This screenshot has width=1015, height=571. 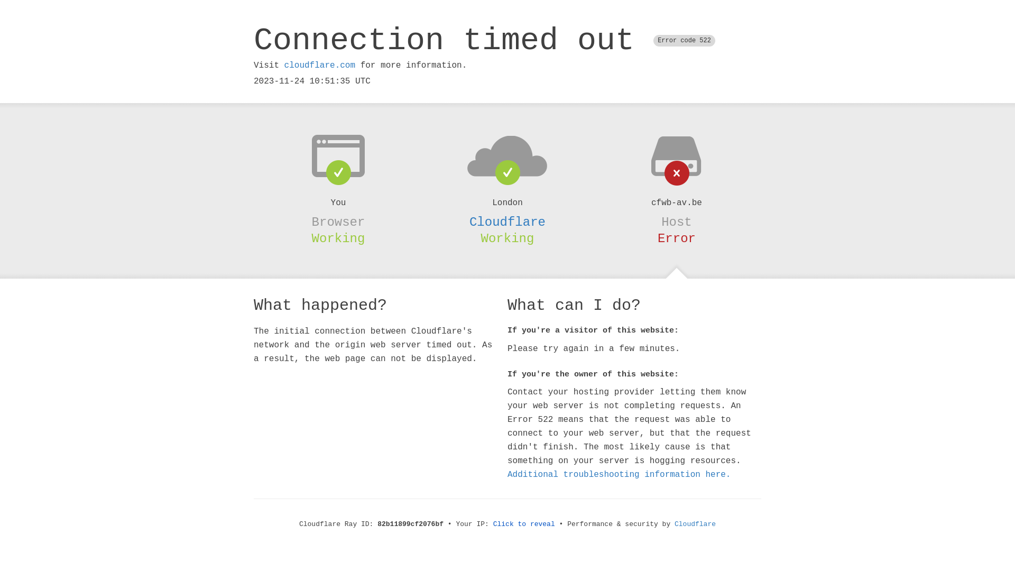 I want to click on 'Click to reveal', so click(x=492, y=524).